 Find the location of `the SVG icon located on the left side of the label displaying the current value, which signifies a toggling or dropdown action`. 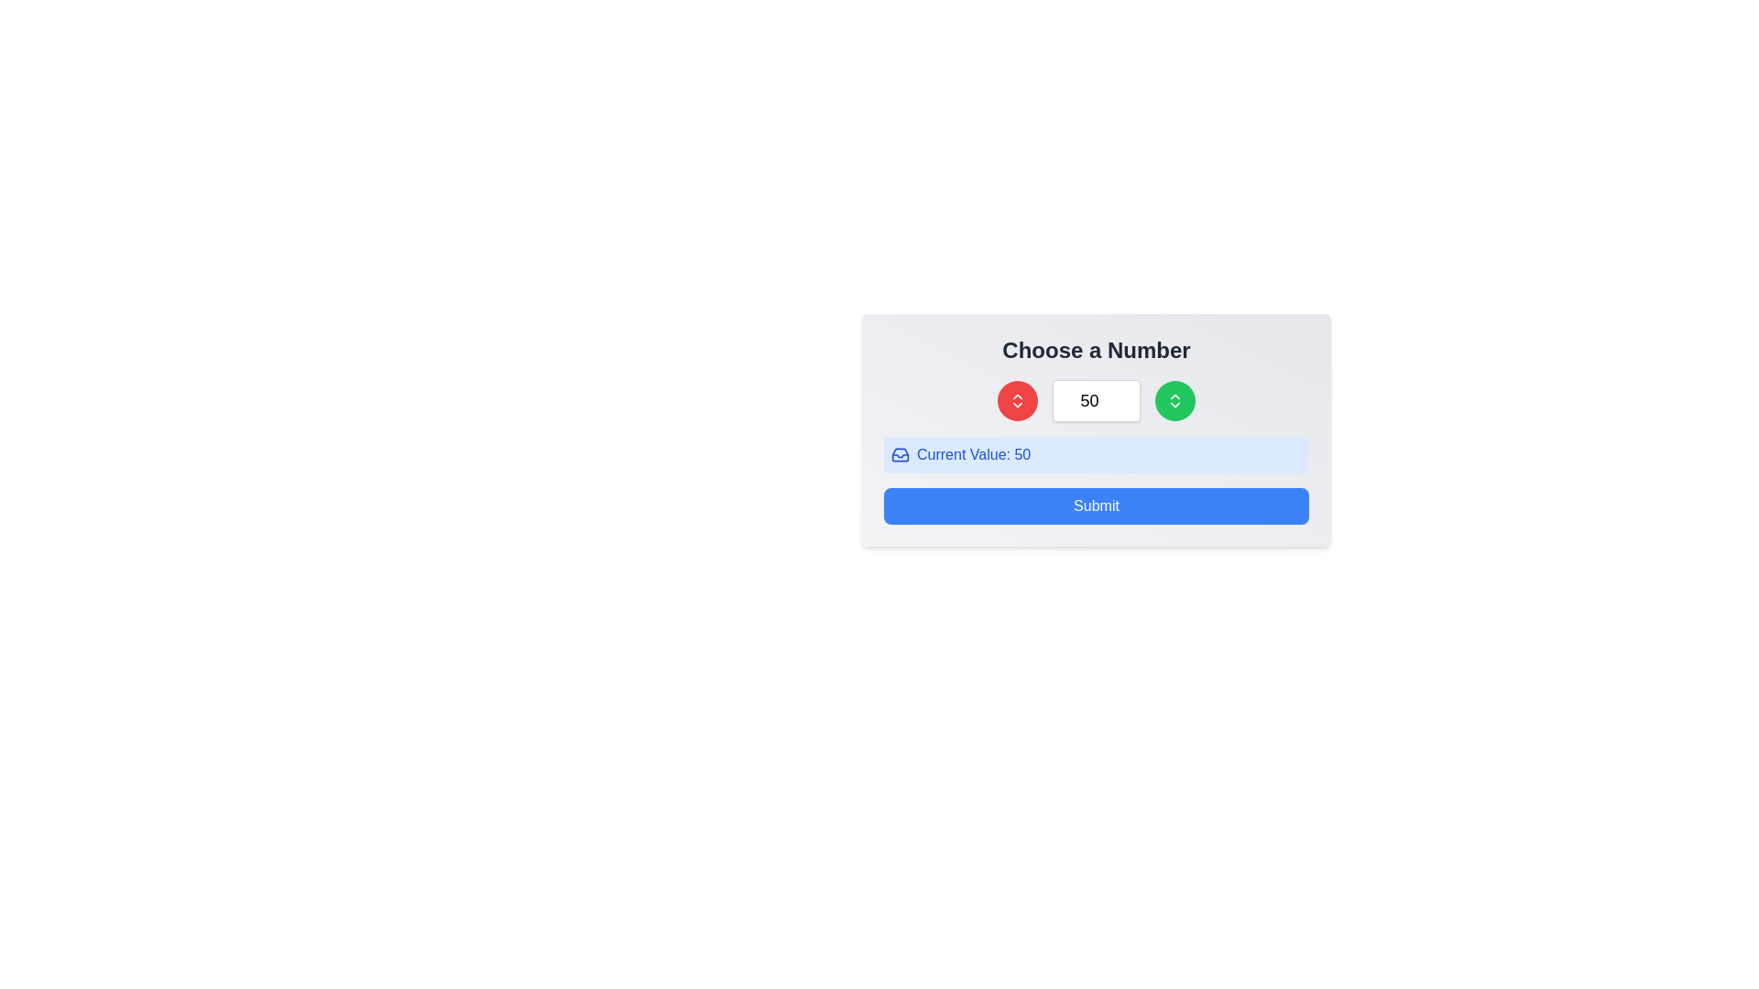

the SVG icon located on the left side of the label displaying the current value, which signifies a toggling or dropdown action is located at coordinates (901, 454).